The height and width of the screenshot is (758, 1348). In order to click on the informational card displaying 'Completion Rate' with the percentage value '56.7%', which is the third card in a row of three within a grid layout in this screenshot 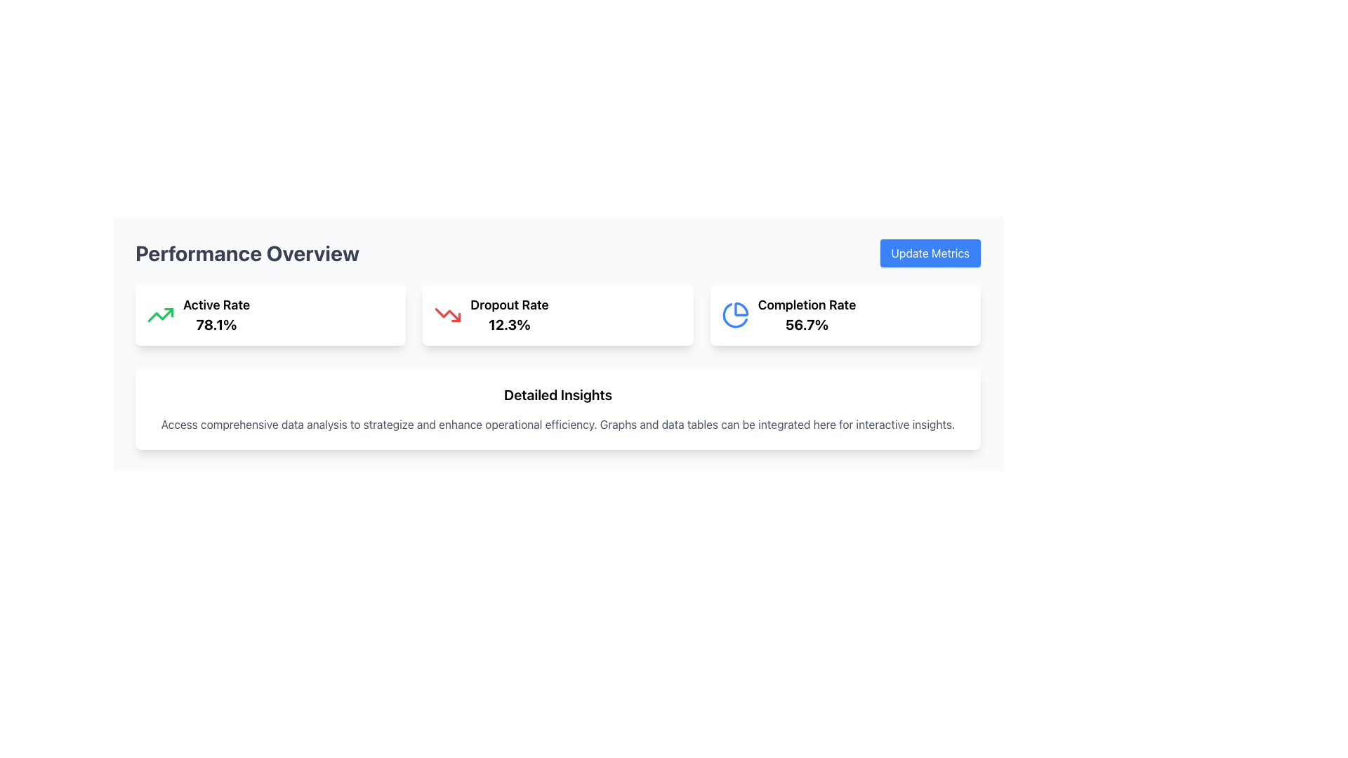, I will do `click(845, 314)`.